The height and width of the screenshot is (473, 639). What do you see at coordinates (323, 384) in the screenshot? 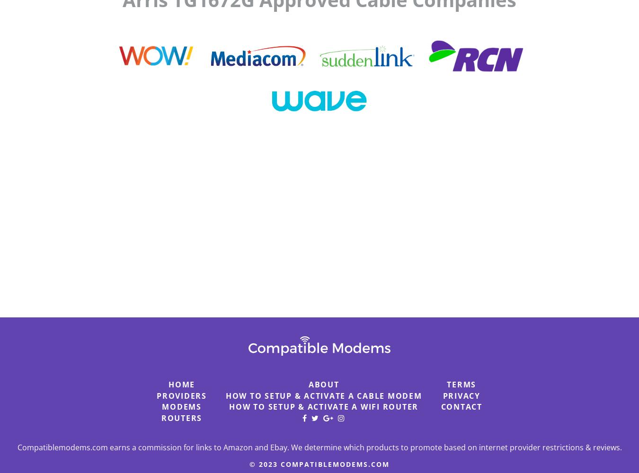
I see `'About'` at bounding box center [323, 384].